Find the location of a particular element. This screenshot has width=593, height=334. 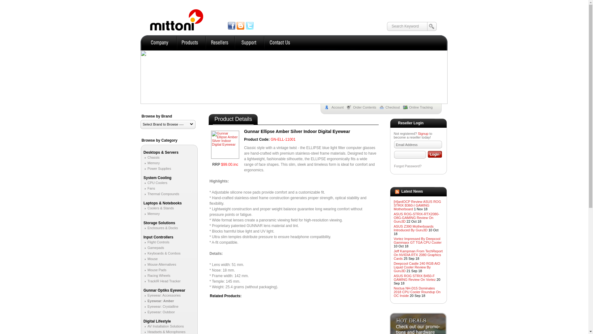

'Mouse Pads' is located at coordinates (154, 269).